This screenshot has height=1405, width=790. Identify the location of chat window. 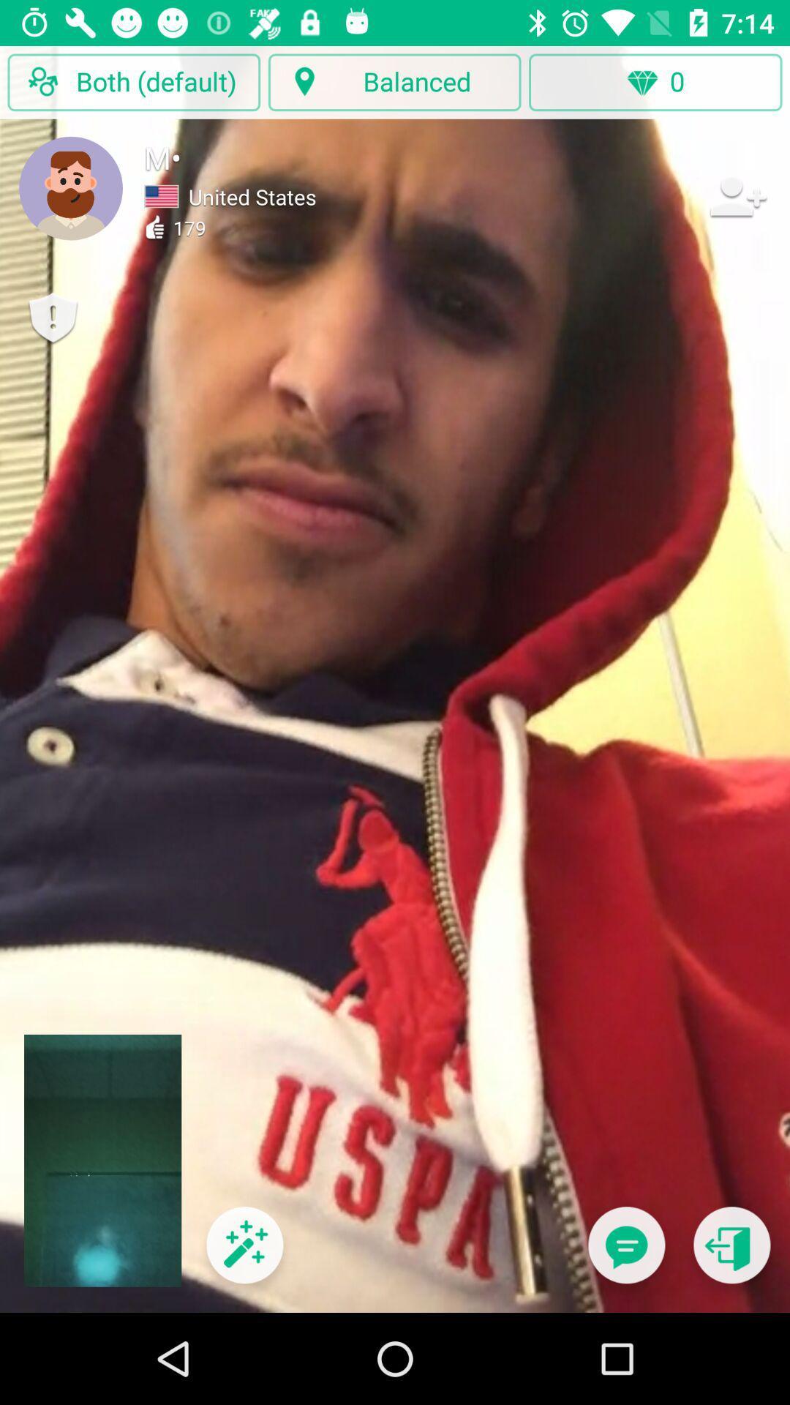
(625, 1254).